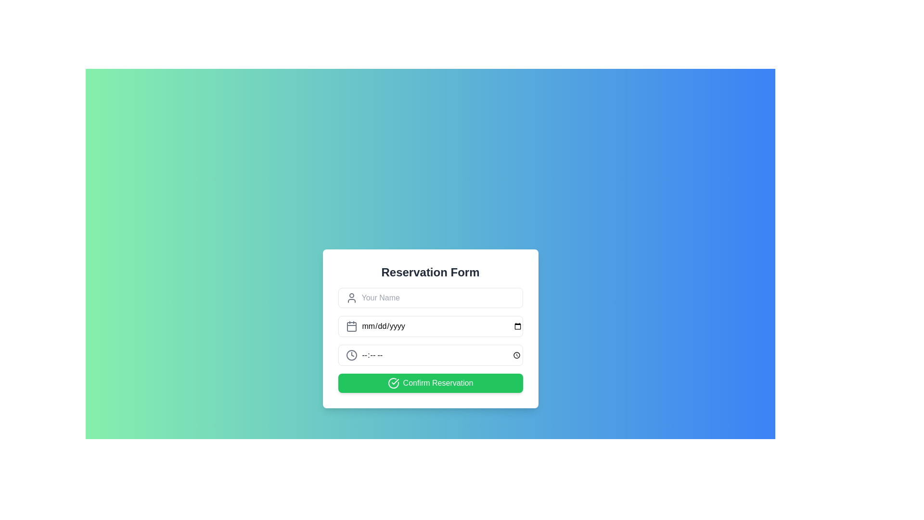 The image size is (924, 520). I want to click on the clock icon with a circular outline and stylized clock hands, rendered in gray, located within the time input field, so click(351, 355).